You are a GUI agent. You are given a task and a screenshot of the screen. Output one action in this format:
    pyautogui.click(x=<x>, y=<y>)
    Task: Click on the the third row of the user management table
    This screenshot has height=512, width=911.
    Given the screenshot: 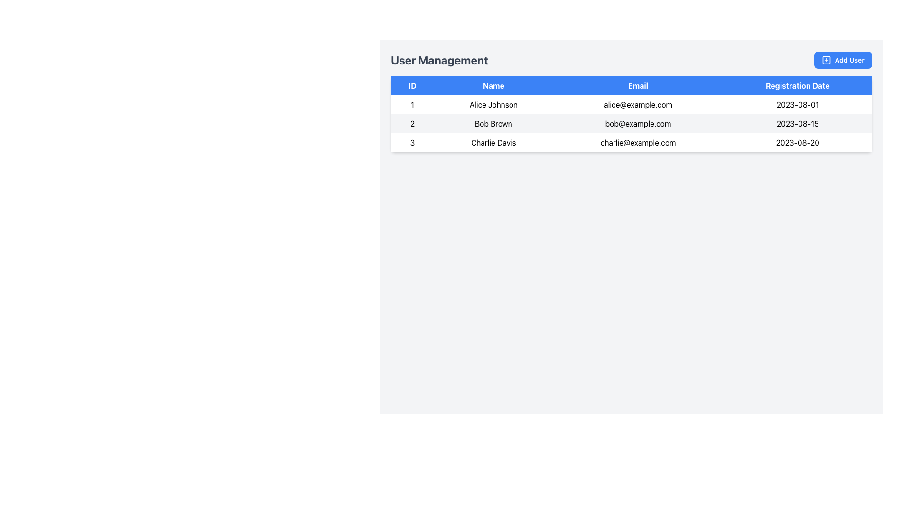 What is the action you would take?
    pyautogui.click(x=631, y=142)
    